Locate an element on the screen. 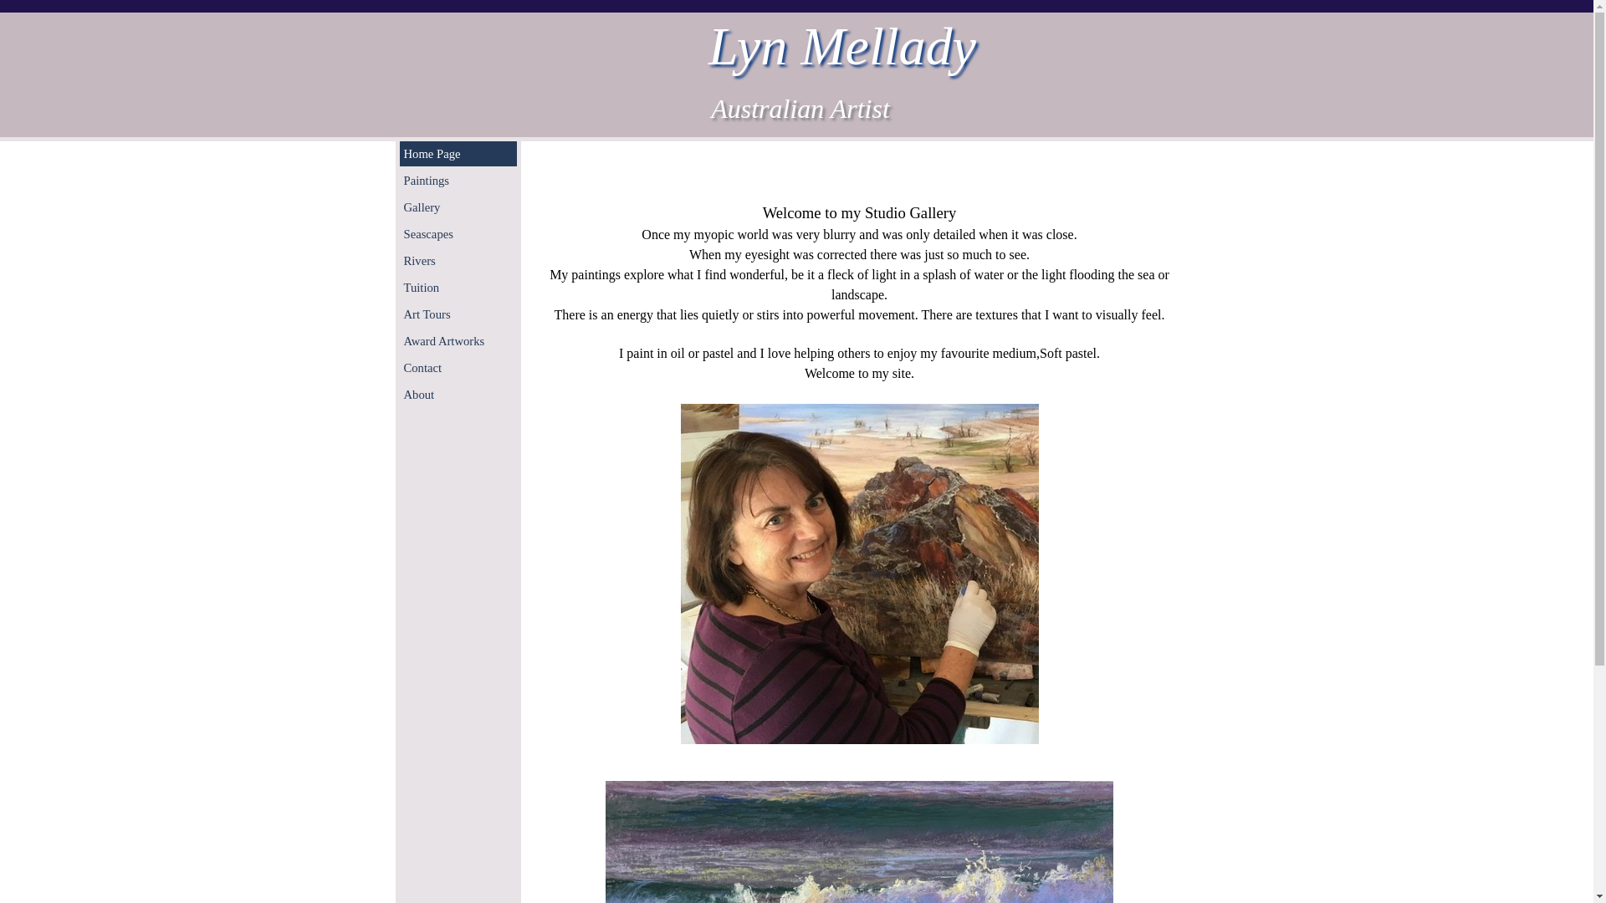 Image resolution: width=1606 pixels, height=903 pixels. 'About' is located at coordinates (458, 394).